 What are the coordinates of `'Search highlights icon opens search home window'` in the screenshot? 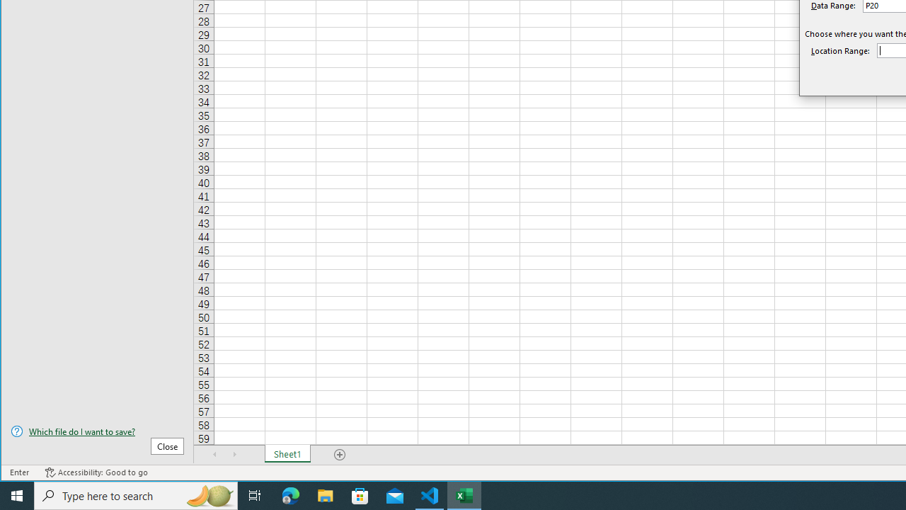 It's located at (208, 494).